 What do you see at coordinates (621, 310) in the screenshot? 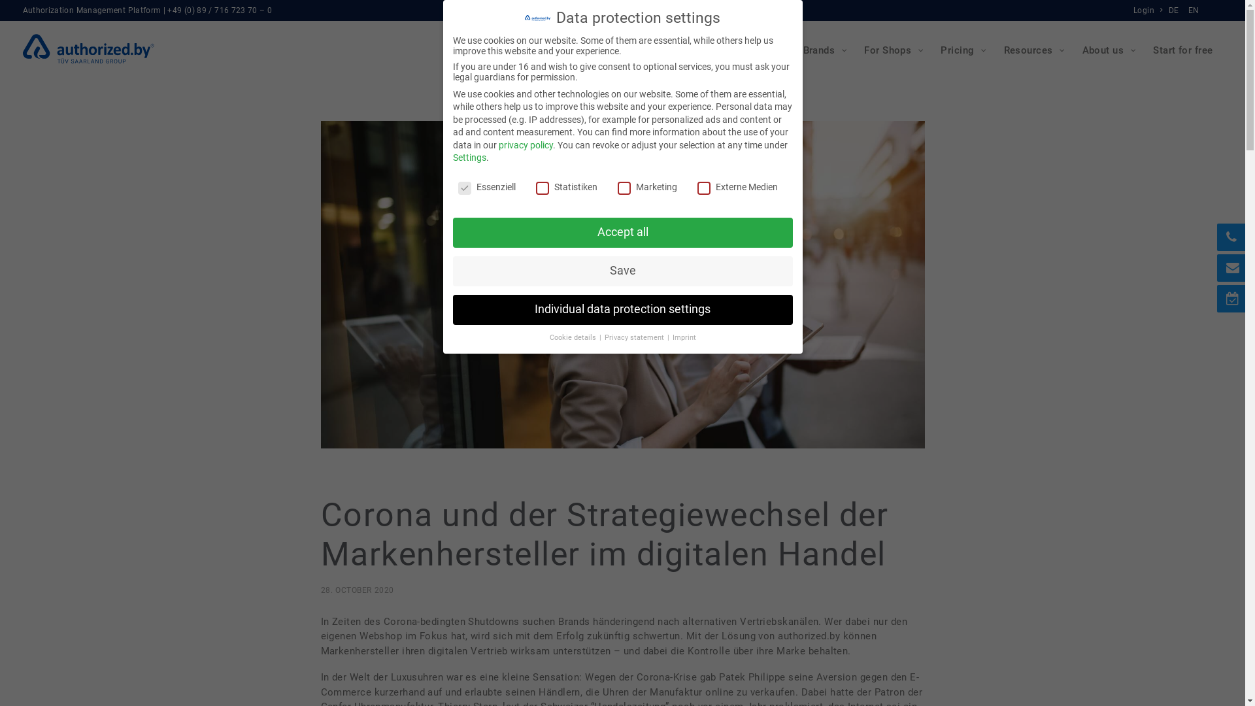
I see `'Individual data protection settings'` at bounding box center [621, 310].